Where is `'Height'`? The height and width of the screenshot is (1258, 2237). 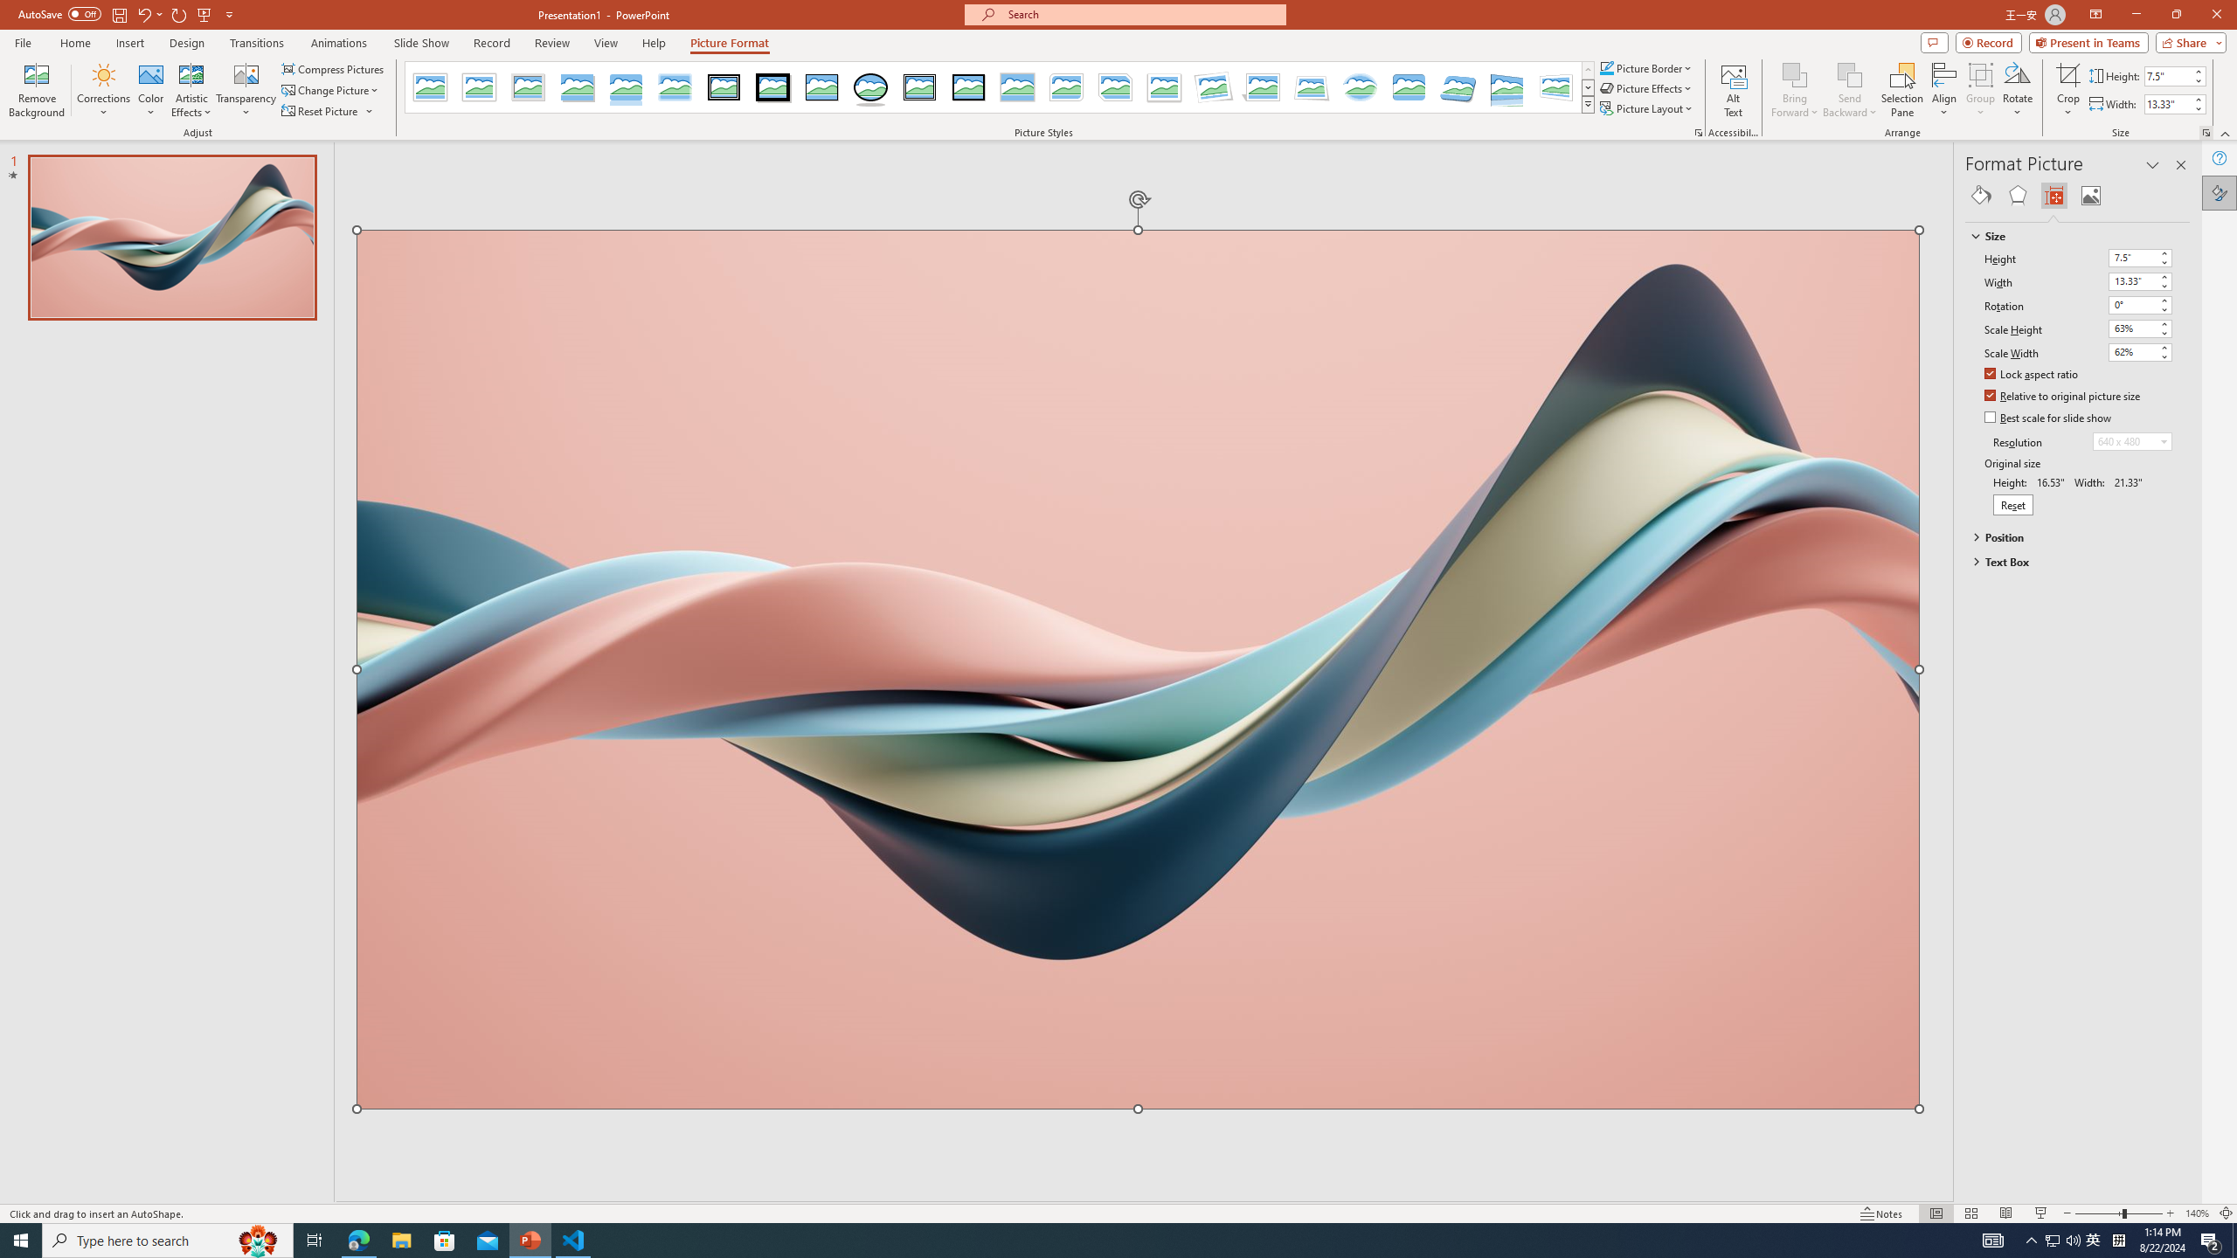
'Height' is located at coordinates (2131, 257).